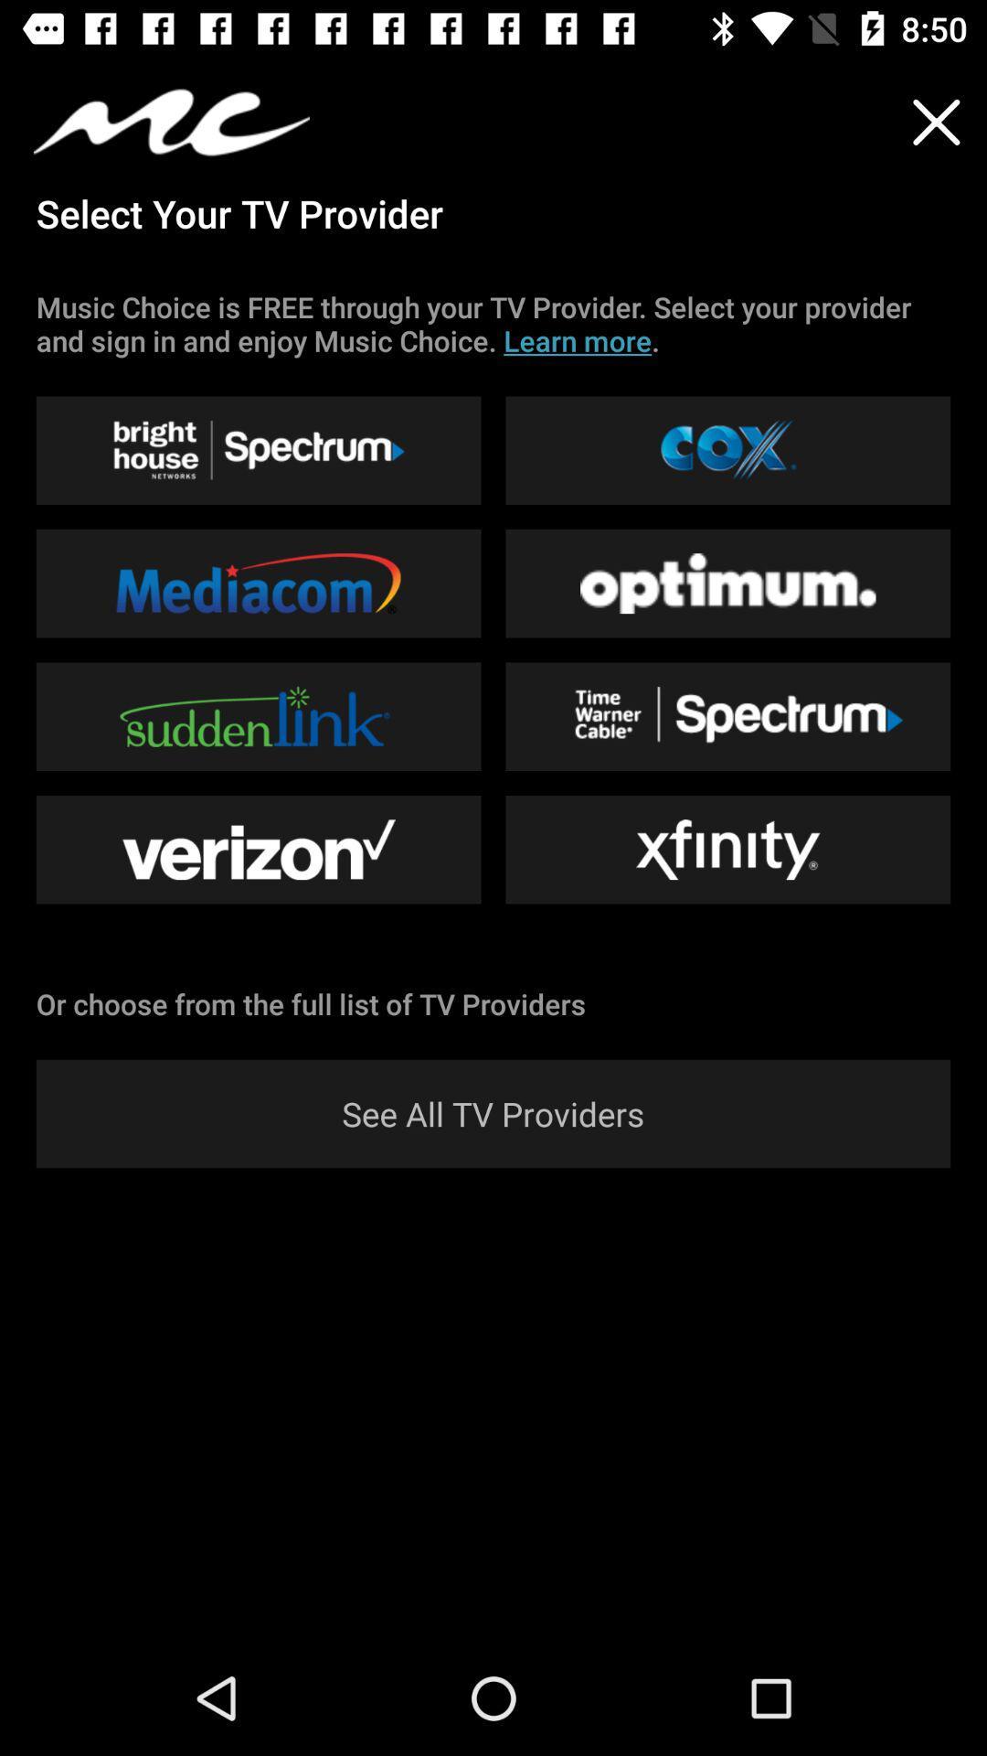  I want to click on the close icon, so click(936, 121).